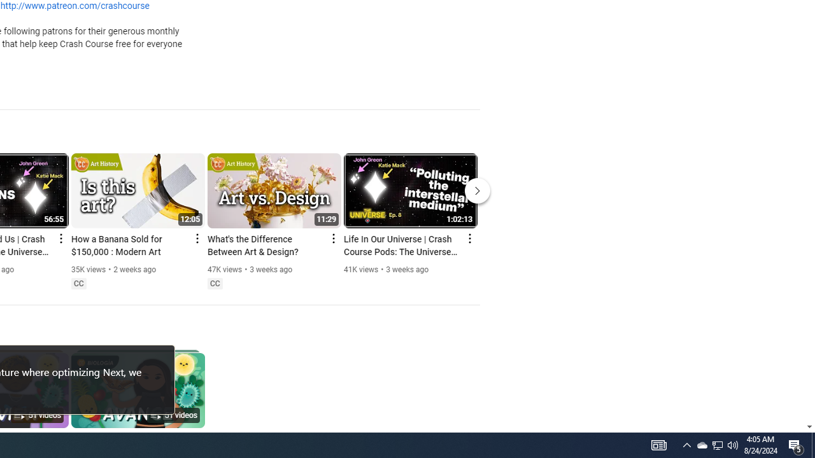 The height and width of the screenshot is (458, 815). Describe the element at coordinates (74, 6) in the screenshot. I see `'http://www.patreon.com/crashcourse'` at that location.